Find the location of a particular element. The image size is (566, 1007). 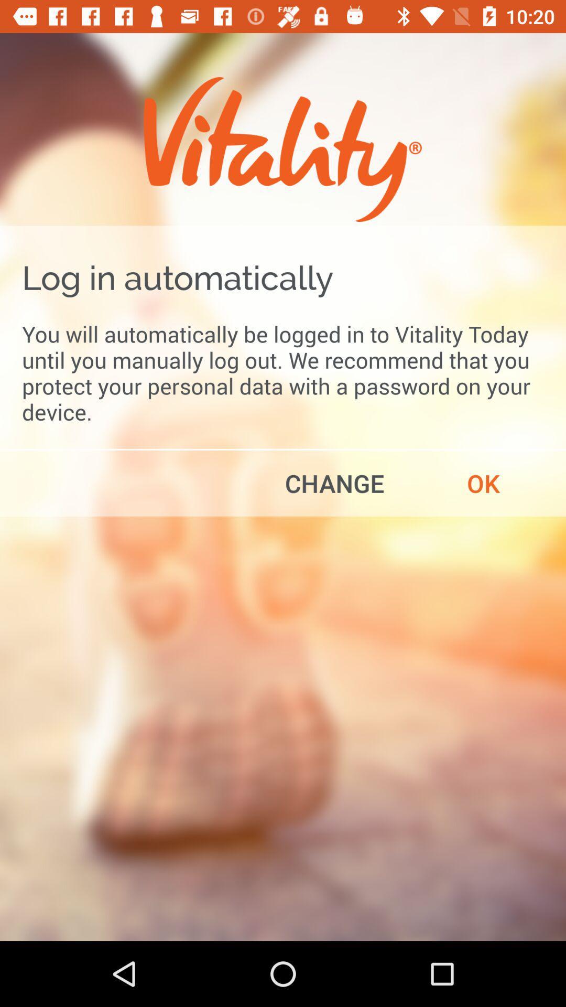

icon next to change is located at coordinates (483, 483).